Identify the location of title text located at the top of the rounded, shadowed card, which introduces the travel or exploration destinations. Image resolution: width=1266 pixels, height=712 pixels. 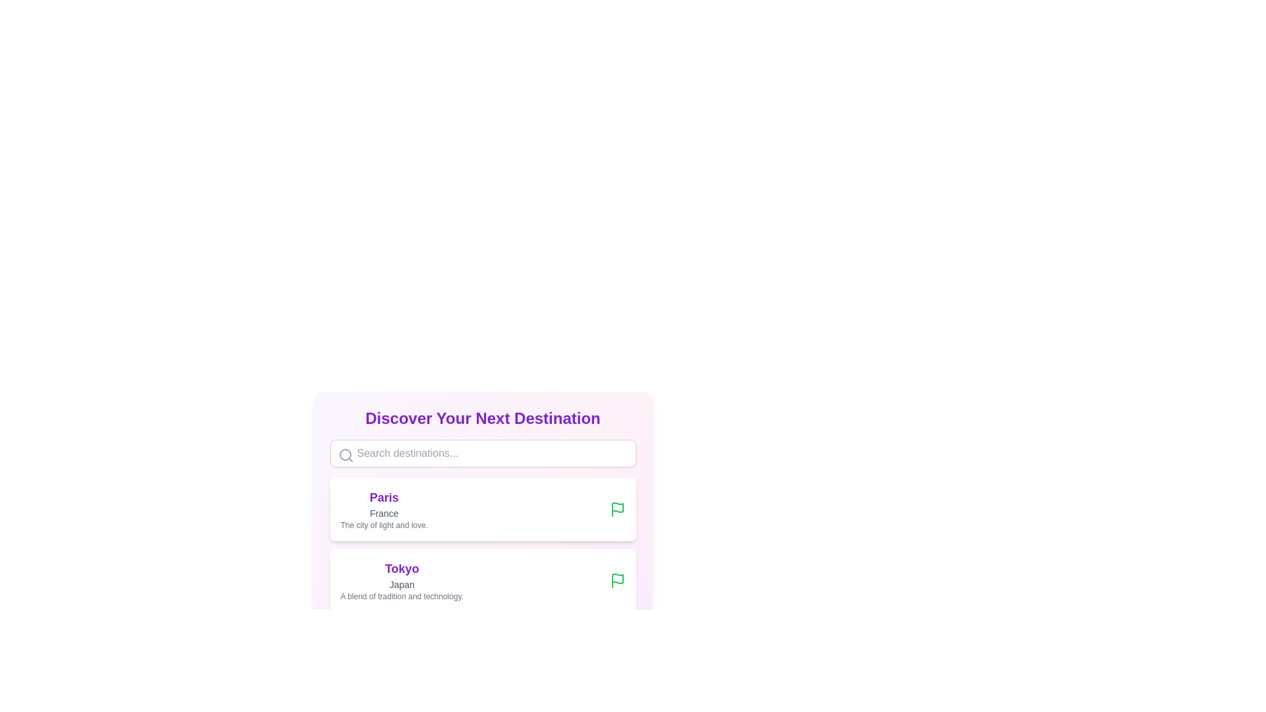
(482, 419).